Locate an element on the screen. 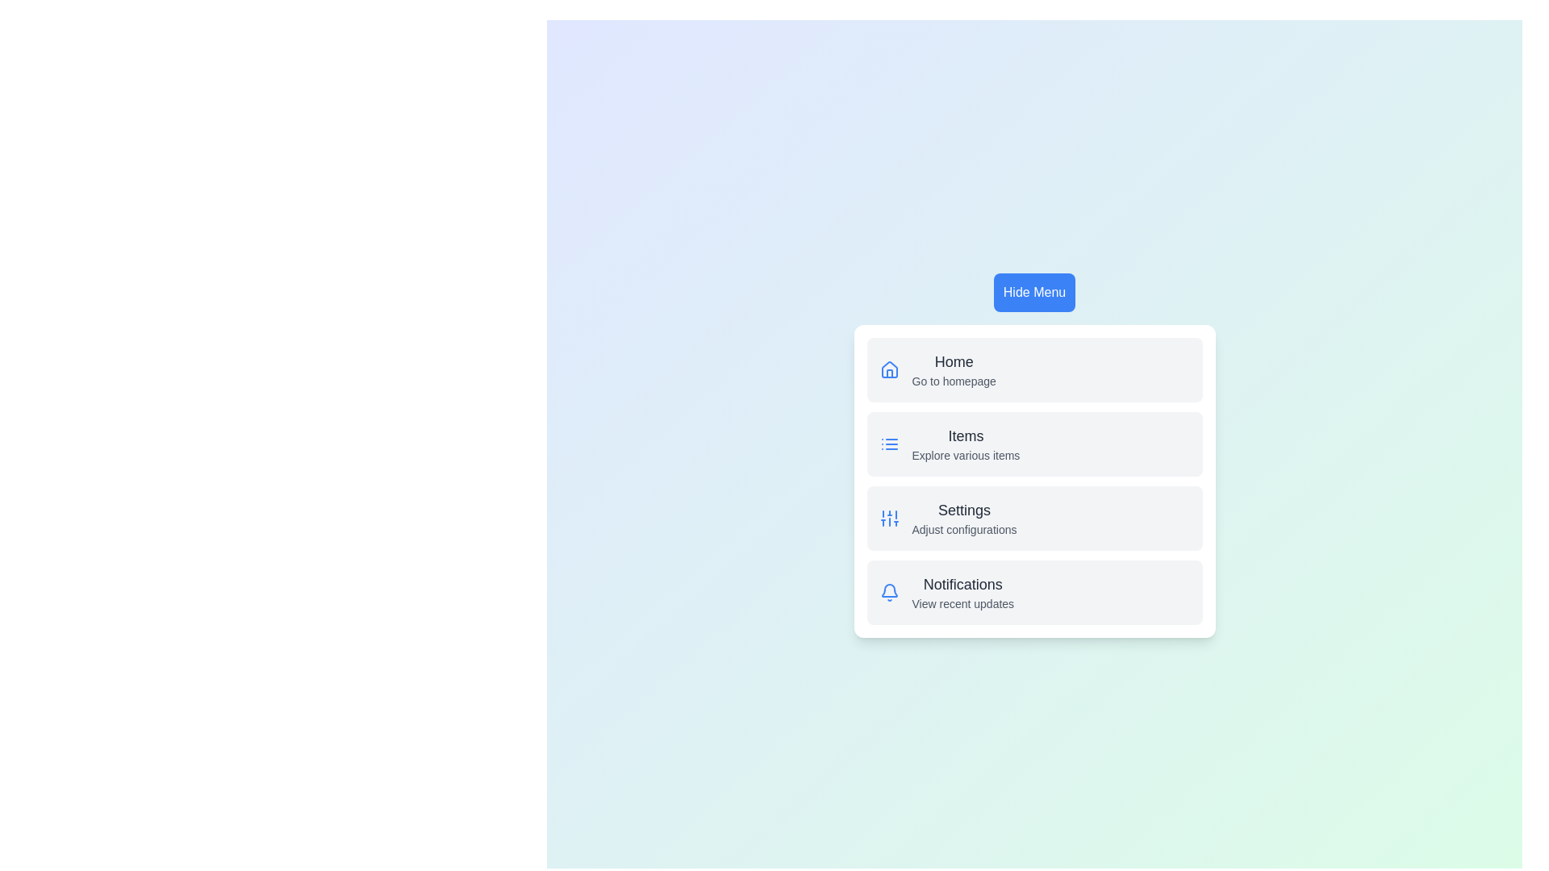 The image size is (1549, 871). the menu item labeled Items is located at coordinates (966, 435).